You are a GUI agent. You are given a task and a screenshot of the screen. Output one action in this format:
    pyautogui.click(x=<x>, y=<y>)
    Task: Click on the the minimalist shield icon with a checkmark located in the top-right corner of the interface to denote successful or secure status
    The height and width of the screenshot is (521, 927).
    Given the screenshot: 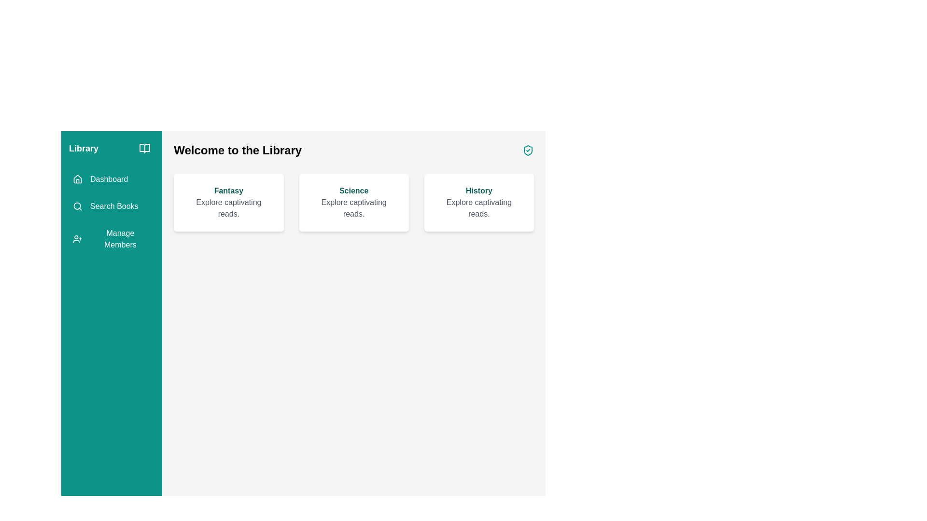 What is the action you would take?
    pyautogui.click(x=528, y=151)
    